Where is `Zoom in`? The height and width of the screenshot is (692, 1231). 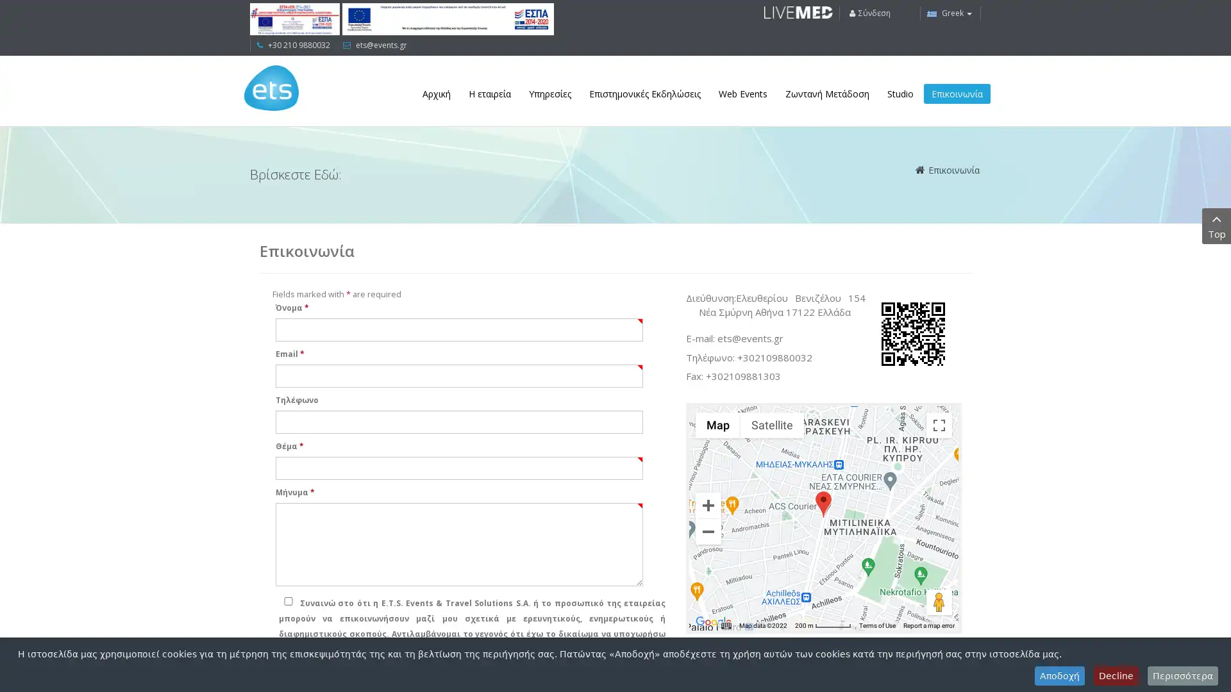
Zoom in is located at coordinates (707, 504).